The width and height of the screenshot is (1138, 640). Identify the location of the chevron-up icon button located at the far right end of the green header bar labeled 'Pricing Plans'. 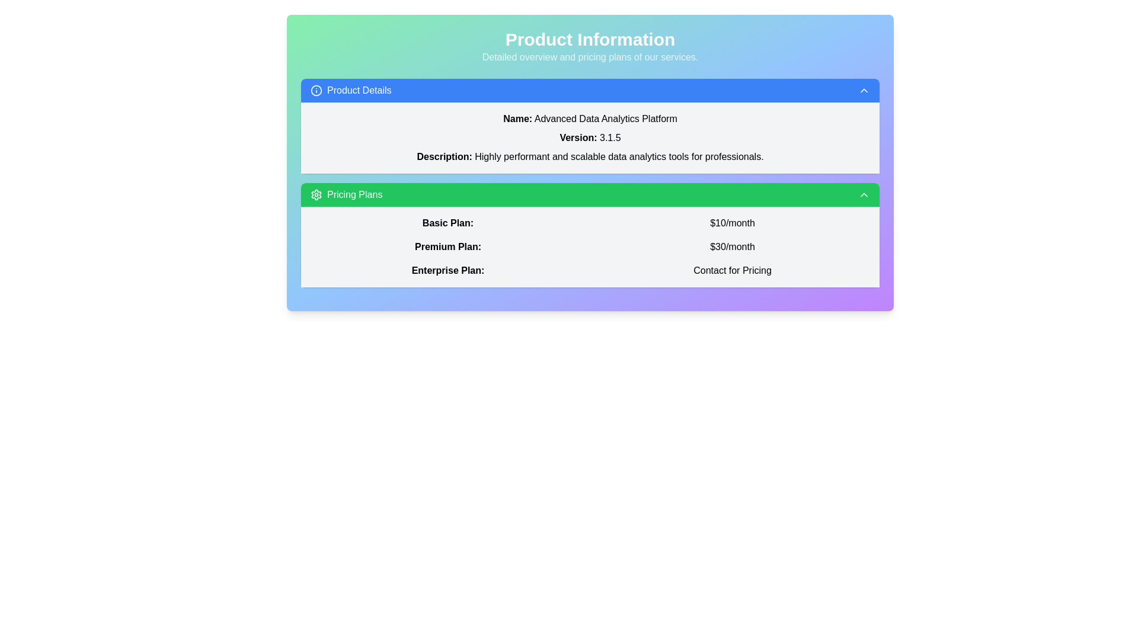
(864, 194).